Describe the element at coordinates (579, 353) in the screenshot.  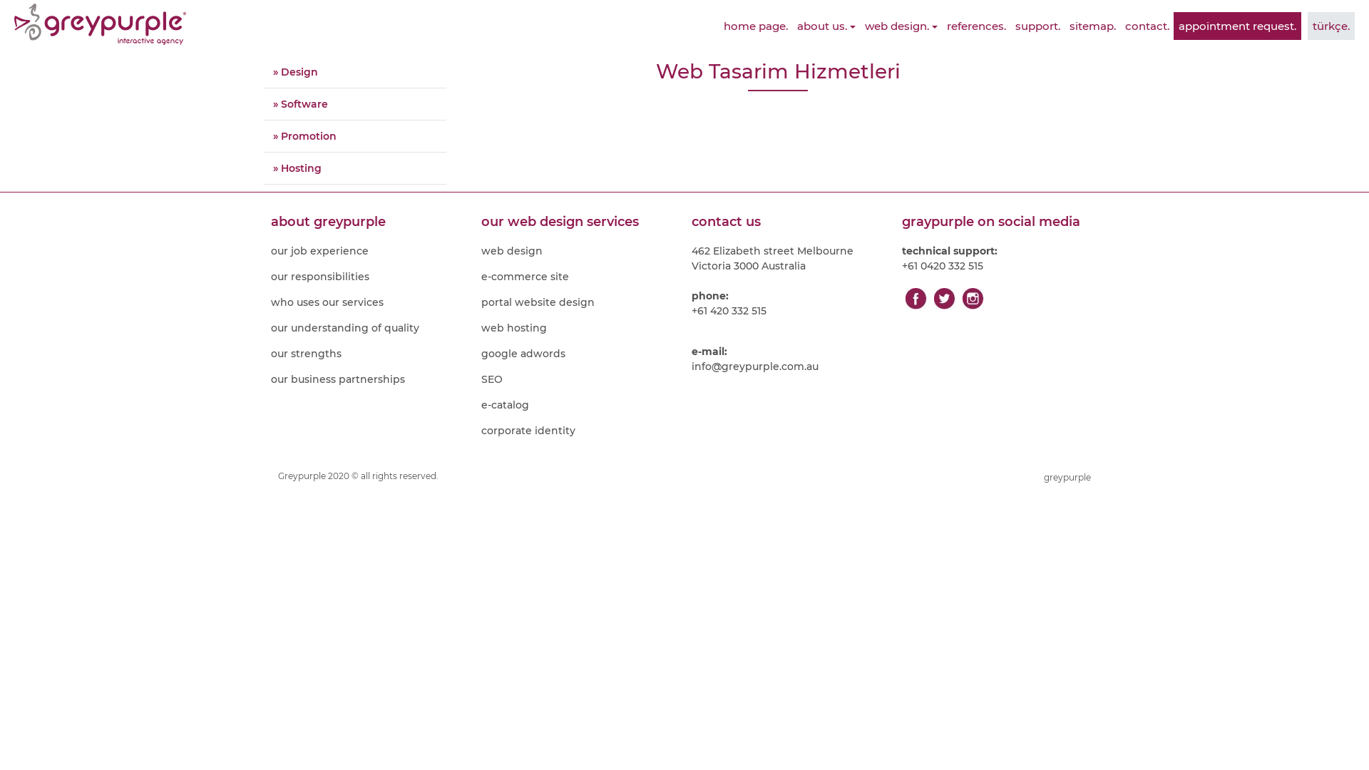
I see `'google adwords'` at that location.